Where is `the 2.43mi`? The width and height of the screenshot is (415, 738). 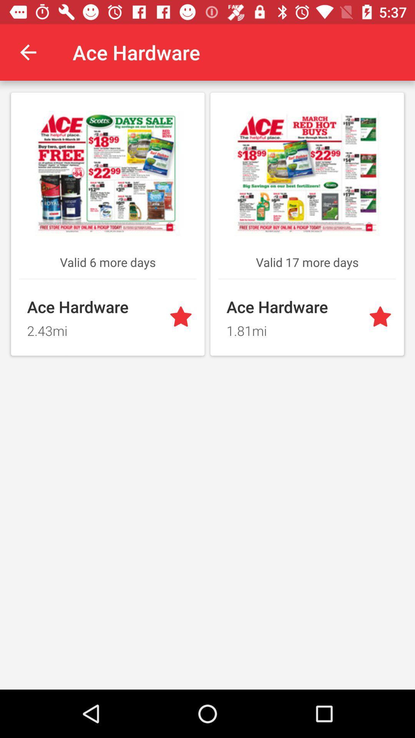 the 2.43mi is located at coordinates (93, 328).